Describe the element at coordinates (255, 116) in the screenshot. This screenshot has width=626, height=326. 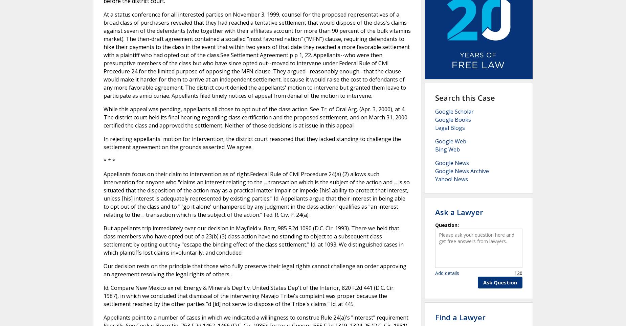
I see `'While this appeal was pending, appellants all chose to opt out of the class action. See Tr. of Oral Arg. (Apr. 3, 2000), at 4. The district court held its final hearing regarding class certification and the proposed settlement, and on March 31, 2000 certified the class and approved the settlement. Neither of those decisions is at issue in this appeal.'` at that location.